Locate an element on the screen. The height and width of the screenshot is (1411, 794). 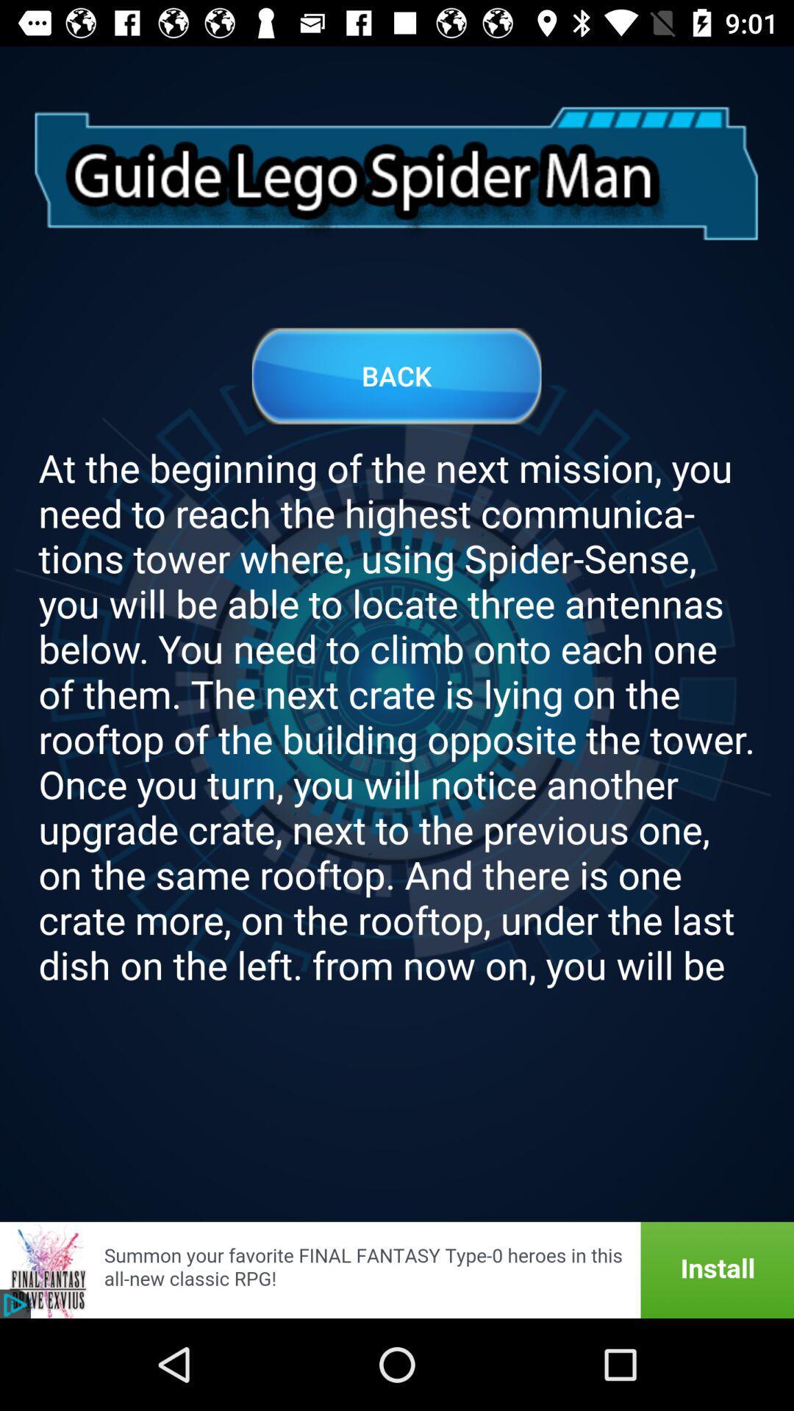
install final fantasy is located at coordinates (397, 1269).